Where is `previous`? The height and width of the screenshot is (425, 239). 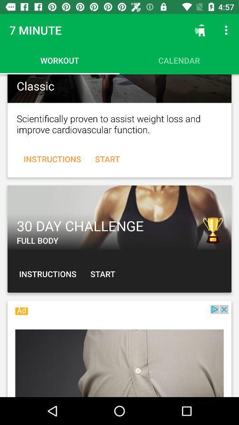 previous is located at coordinates (119, 217).